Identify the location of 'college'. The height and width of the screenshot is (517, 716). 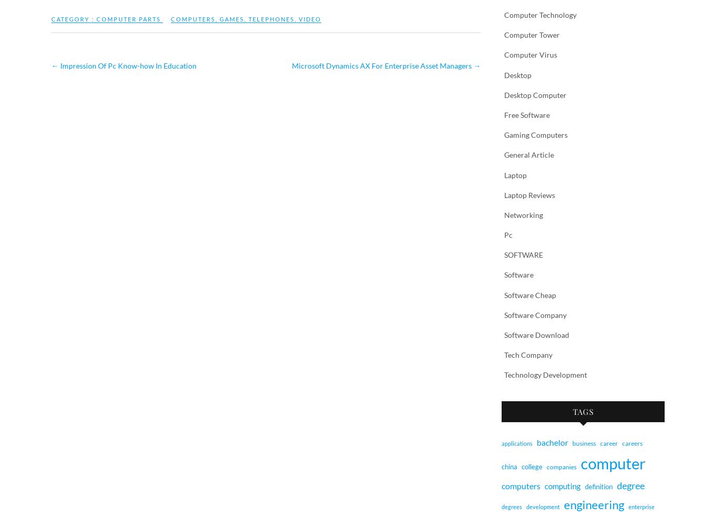
(531, 466).